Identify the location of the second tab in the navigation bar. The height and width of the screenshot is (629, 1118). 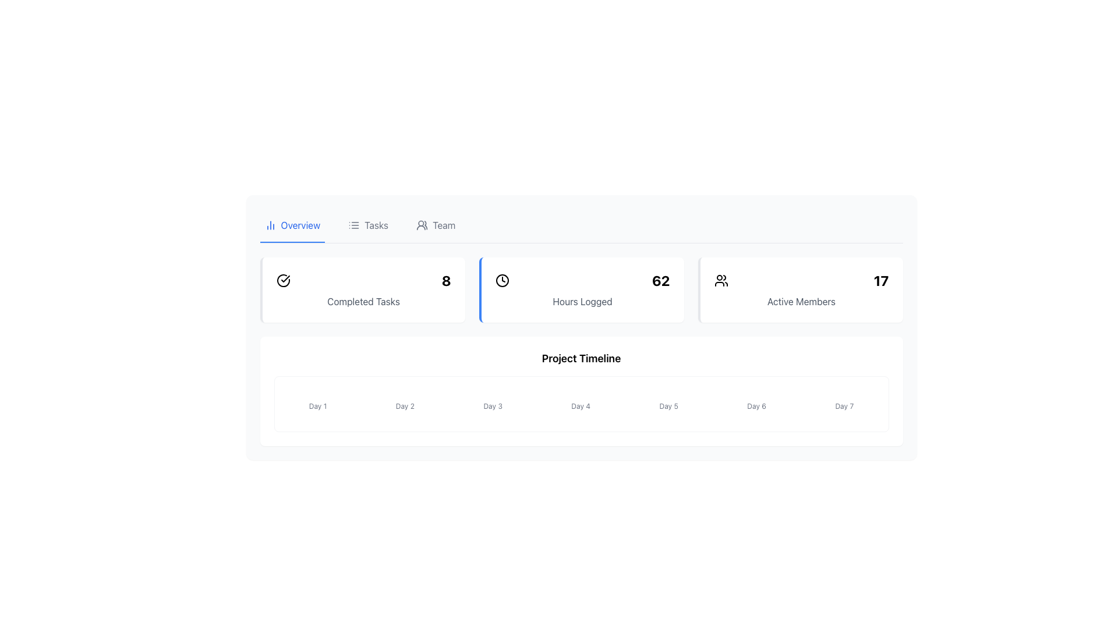
(367, 226).